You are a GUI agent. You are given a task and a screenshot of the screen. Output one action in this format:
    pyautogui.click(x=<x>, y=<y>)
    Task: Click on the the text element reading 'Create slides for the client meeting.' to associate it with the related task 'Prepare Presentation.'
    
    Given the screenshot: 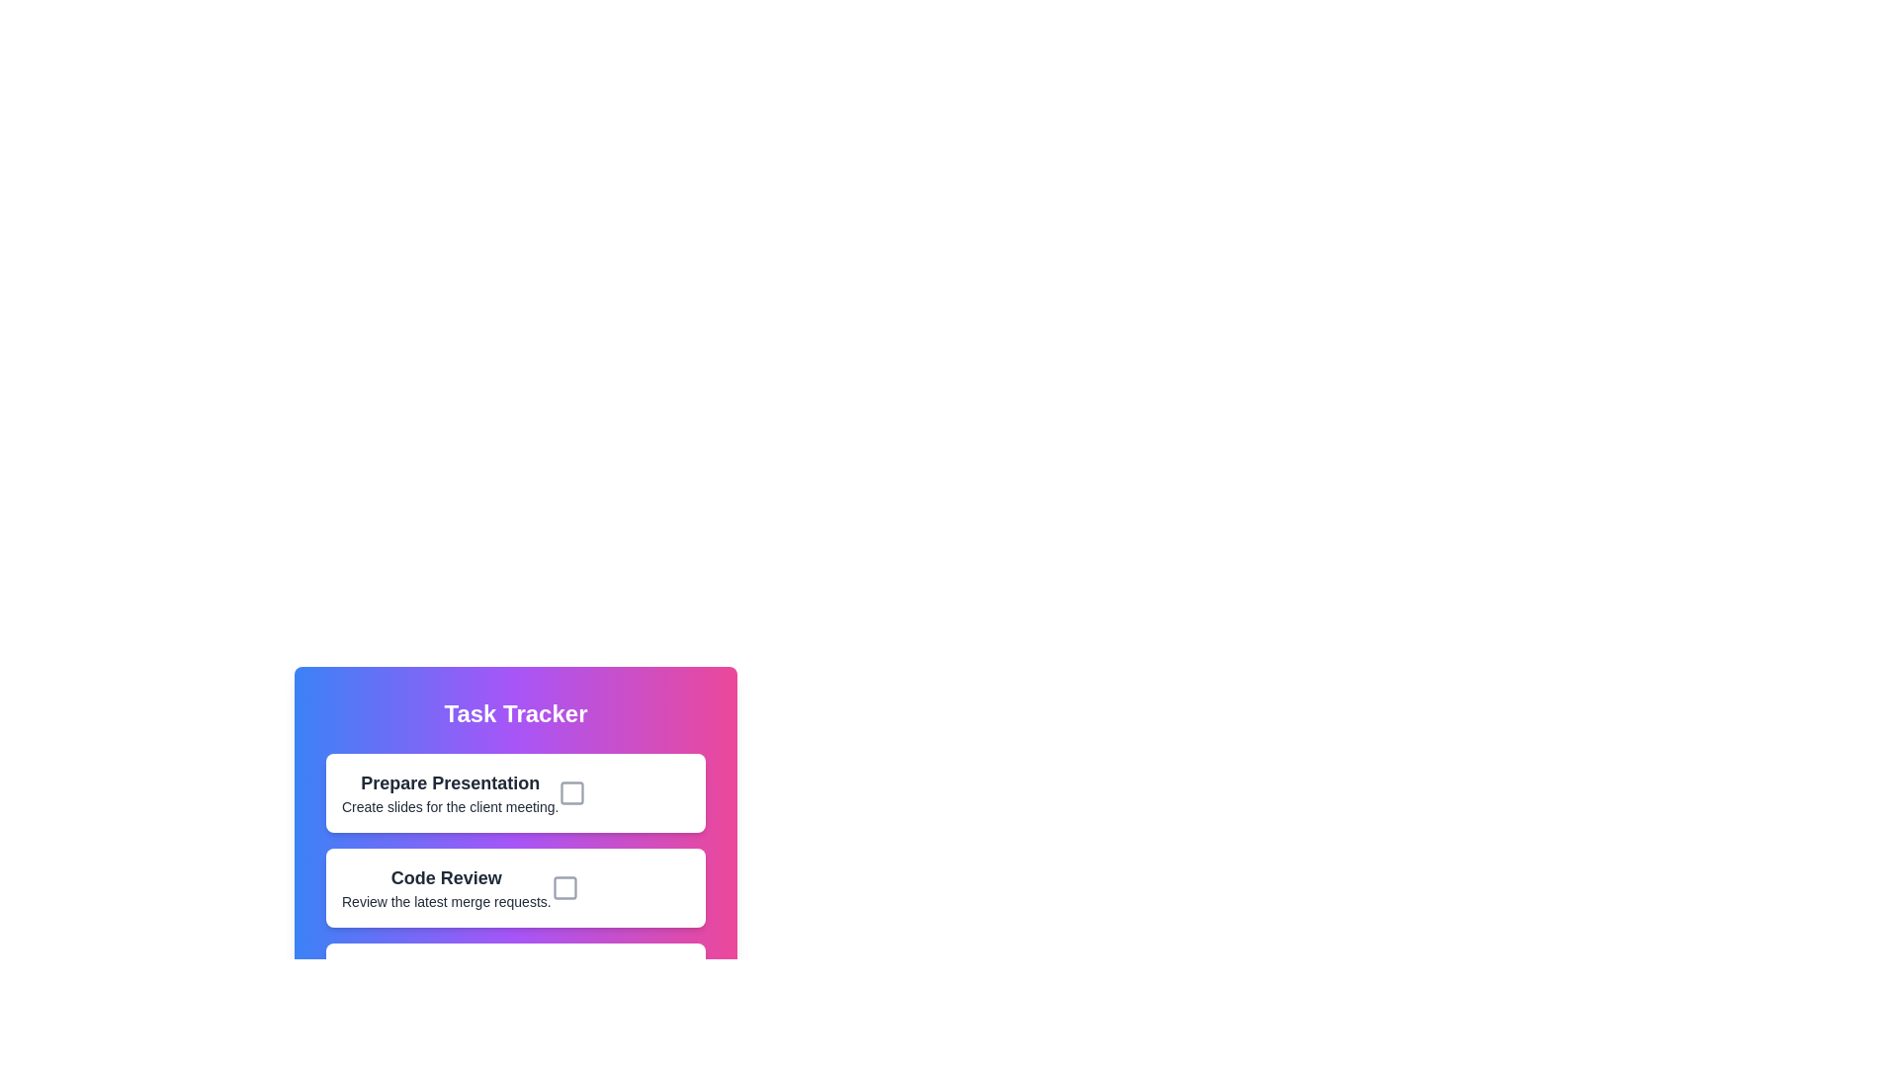 What is the action you would take?
    pyautogui.click(x=449, y=807)
    